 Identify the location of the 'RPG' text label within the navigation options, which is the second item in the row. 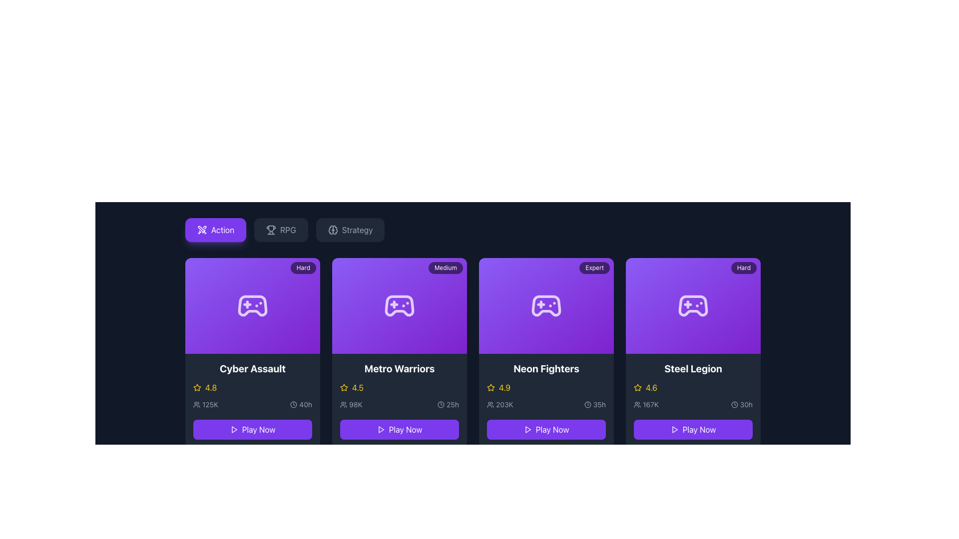
(287, 230).